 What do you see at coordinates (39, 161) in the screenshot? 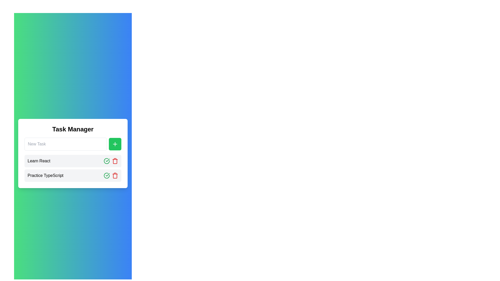
I see `the Static Text Label displaying 'Learn React' to trigger the tooltip` at bounding box center [39, 161].